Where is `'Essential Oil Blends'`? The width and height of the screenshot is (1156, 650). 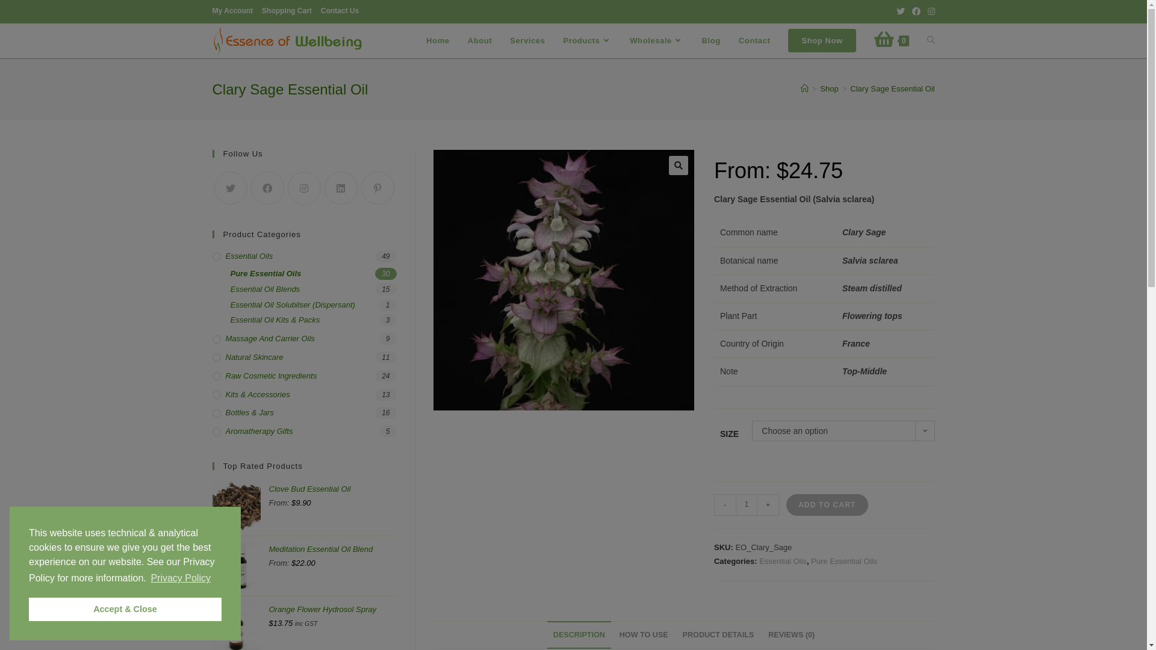
'Essential Oil Blends' is located at coordinates (312, 289).